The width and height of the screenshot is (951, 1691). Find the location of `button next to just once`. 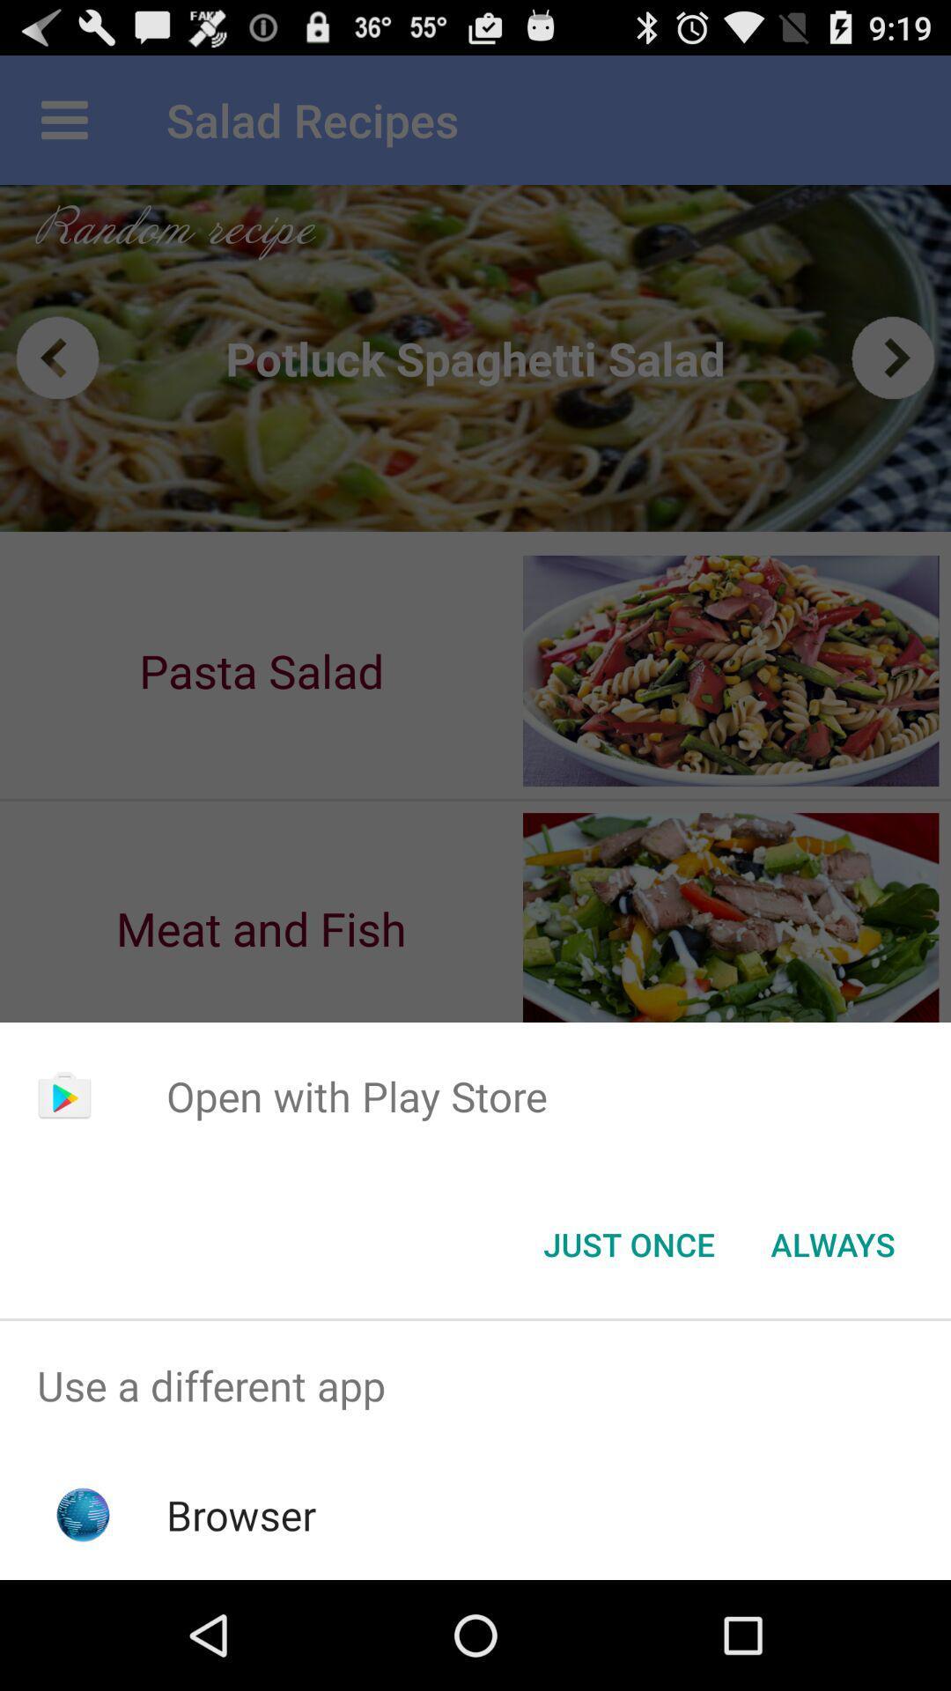

button next to just once is located at coordinates (832, 1243).